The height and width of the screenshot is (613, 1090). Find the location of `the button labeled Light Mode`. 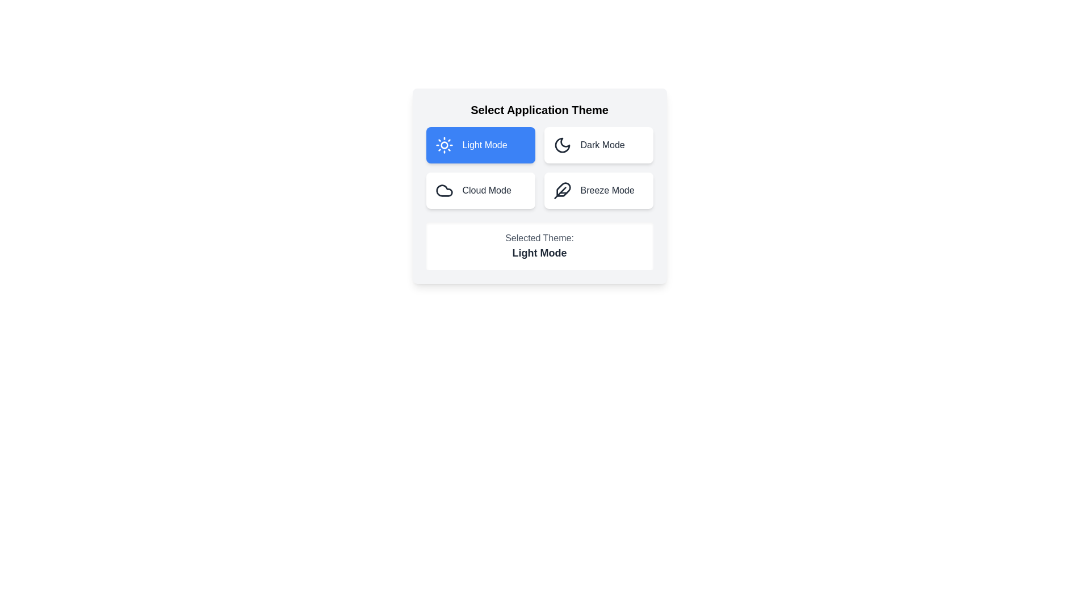

the button labeled Light Mode is located at coordinates (480, 144).